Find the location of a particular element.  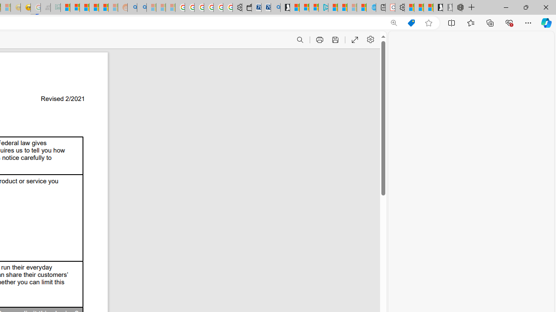

'Enter PDF full screen' is located at coordinates (354, 40).